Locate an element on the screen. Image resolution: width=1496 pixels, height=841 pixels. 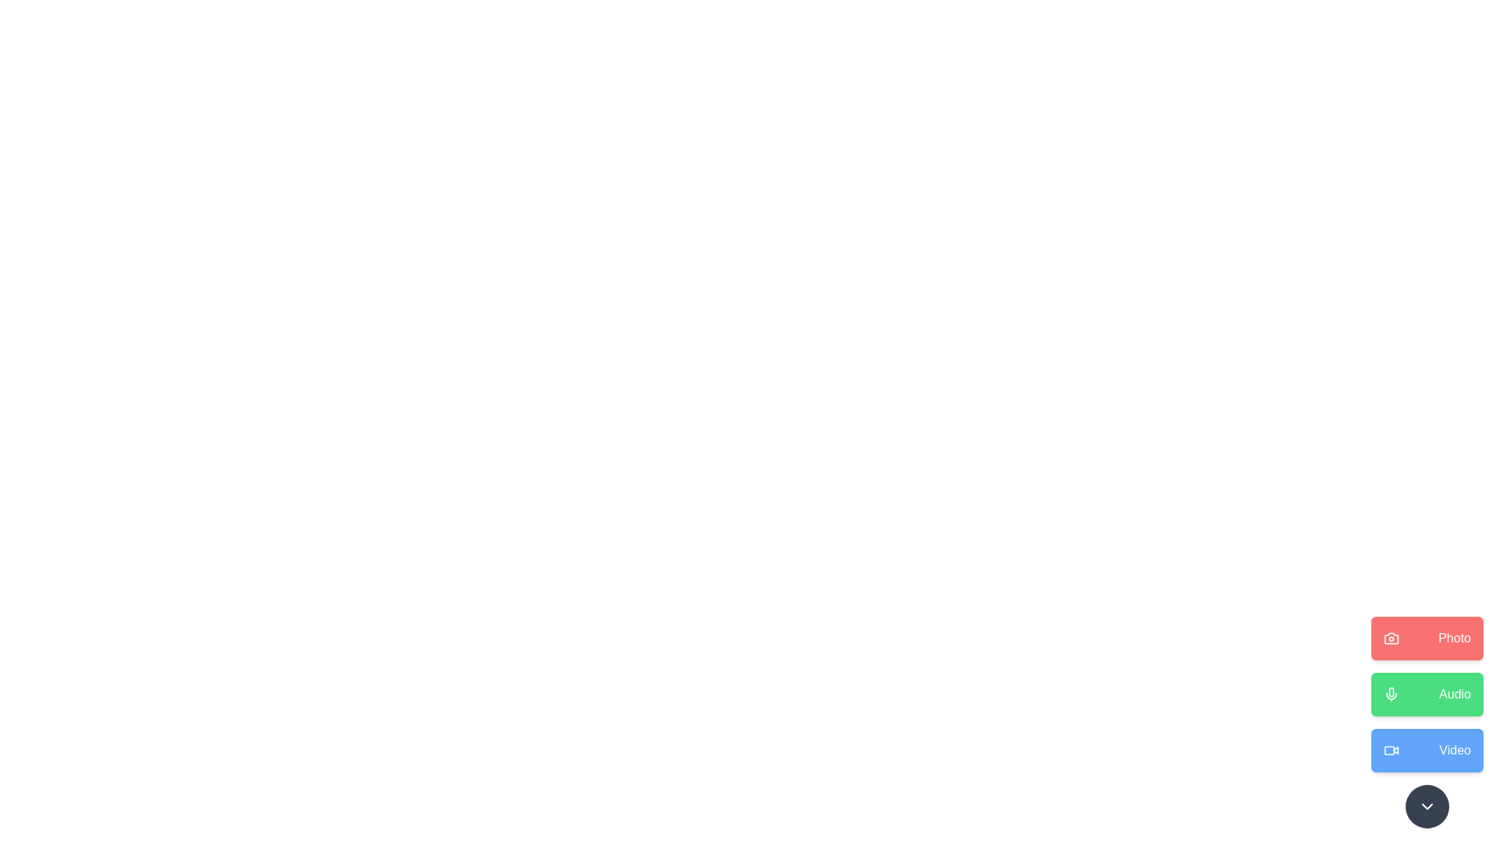
the 'Audio' button to trigger the 'Audio' action is located at coordinates (1427, 693).